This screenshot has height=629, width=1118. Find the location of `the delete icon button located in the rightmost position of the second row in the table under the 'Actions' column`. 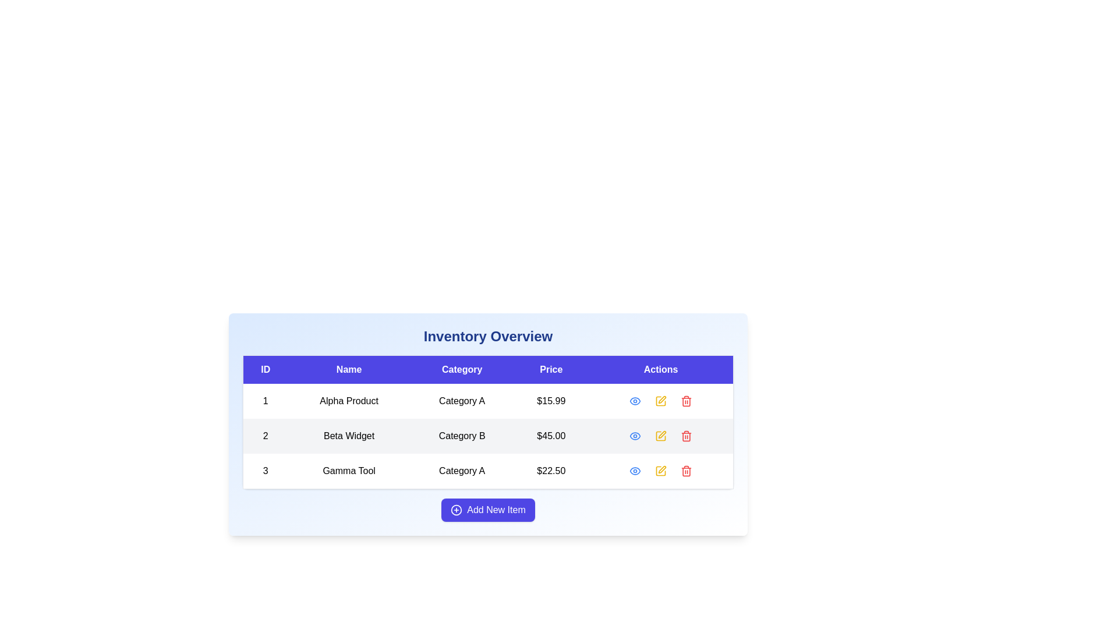

the delete icon button located in the rightmost position of the second row in the table under the 'Actions' column is located at coordinates (687, 436).